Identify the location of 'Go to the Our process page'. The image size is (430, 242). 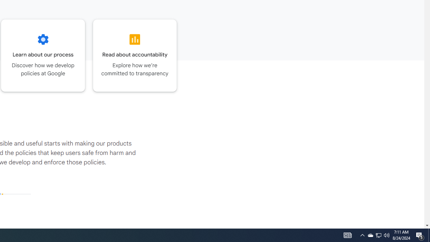
(43, 55).